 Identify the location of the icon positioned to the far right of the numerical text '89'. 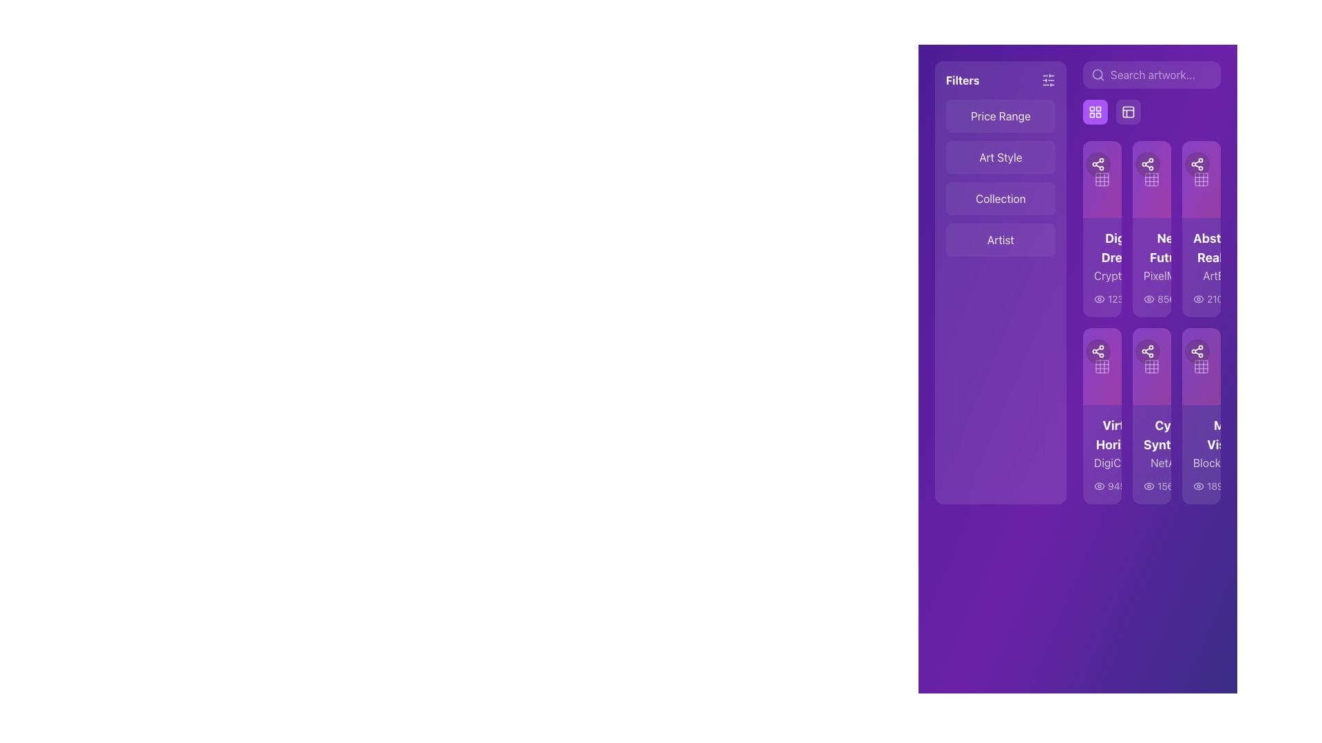
(1160, 299).